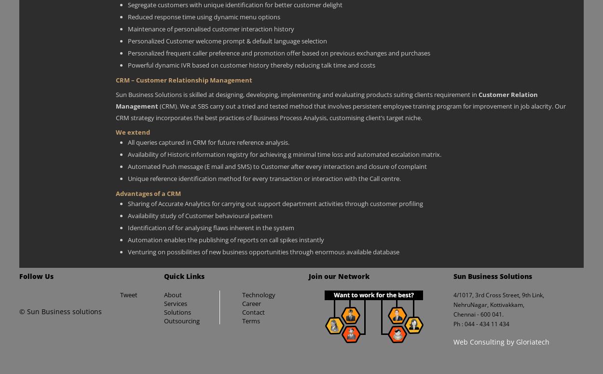 This screenshot has width=603, height=374. What do you see at coordinates (478, 313) in the screenshot?
I see `'Chennai - 600 041.'` at bounding box center [478, 313].